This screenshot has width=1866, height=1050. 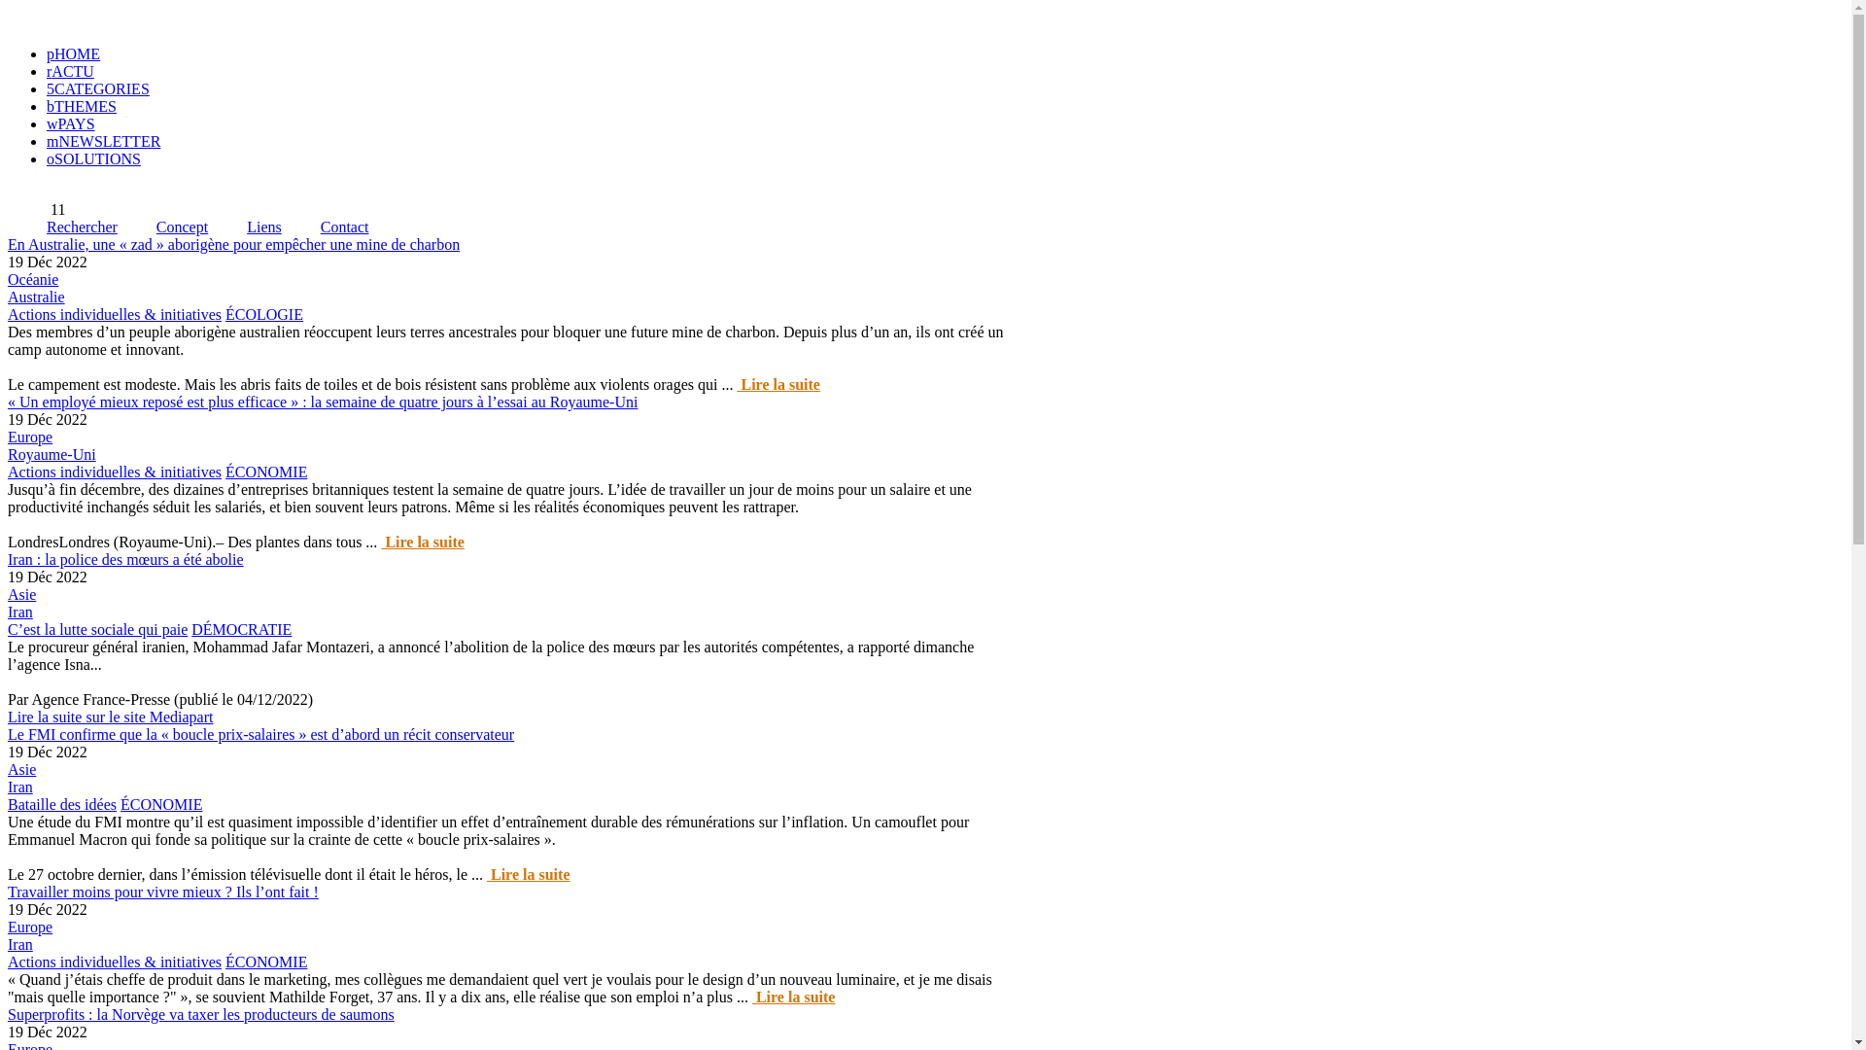 I want to click on 'Rechercher', so click(x=62, y=226).